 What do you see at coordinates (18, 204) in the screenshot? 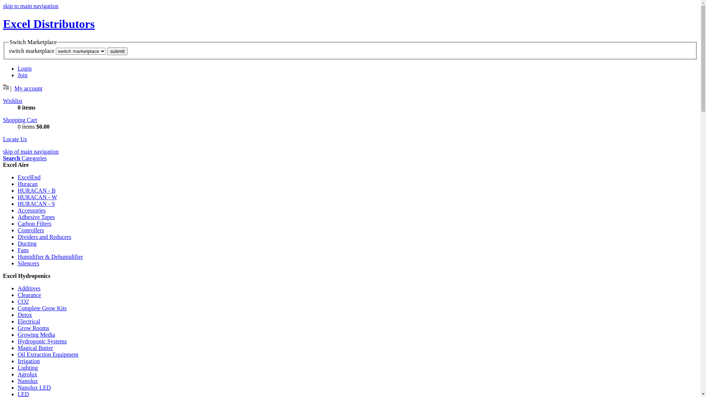
I see `'HURACAN - S'` at bounding box center [18, 204].